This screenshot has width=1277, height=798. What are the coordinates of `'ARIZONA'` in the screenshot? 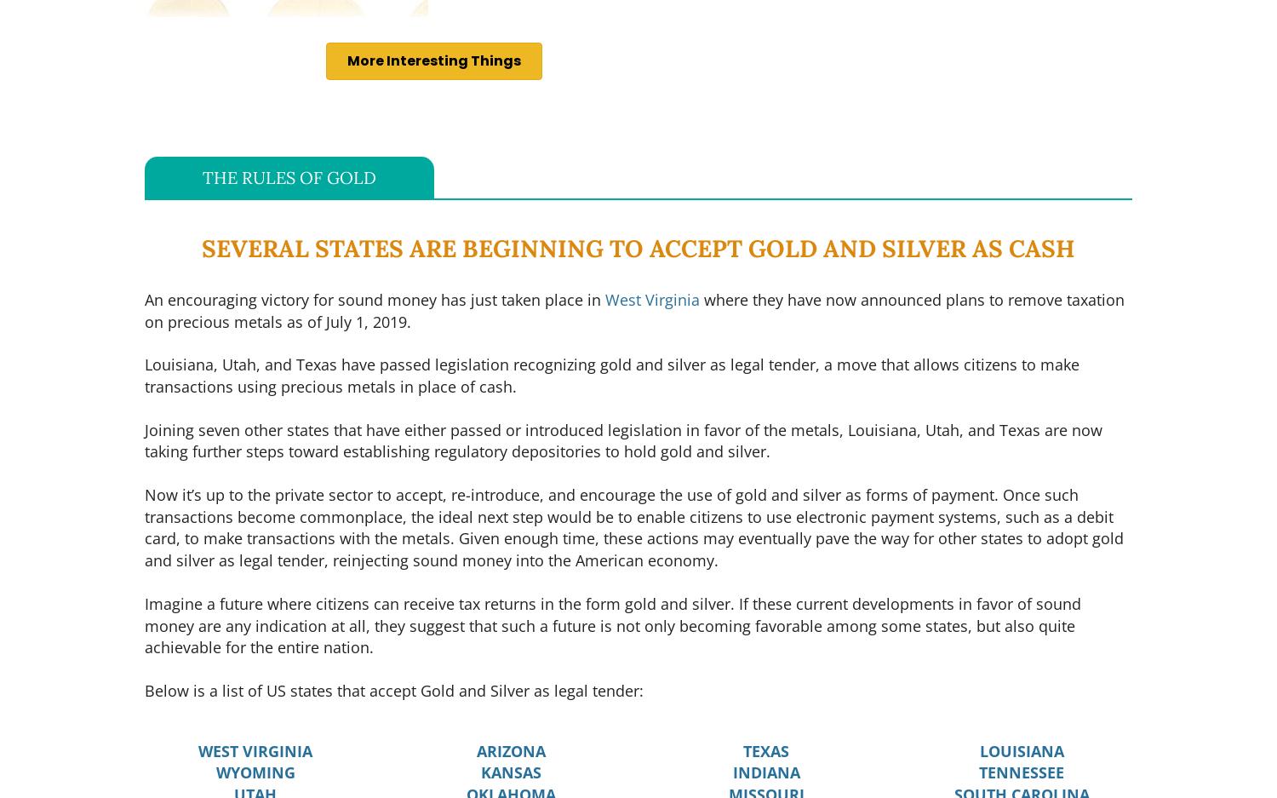 It's located at (509, 749).